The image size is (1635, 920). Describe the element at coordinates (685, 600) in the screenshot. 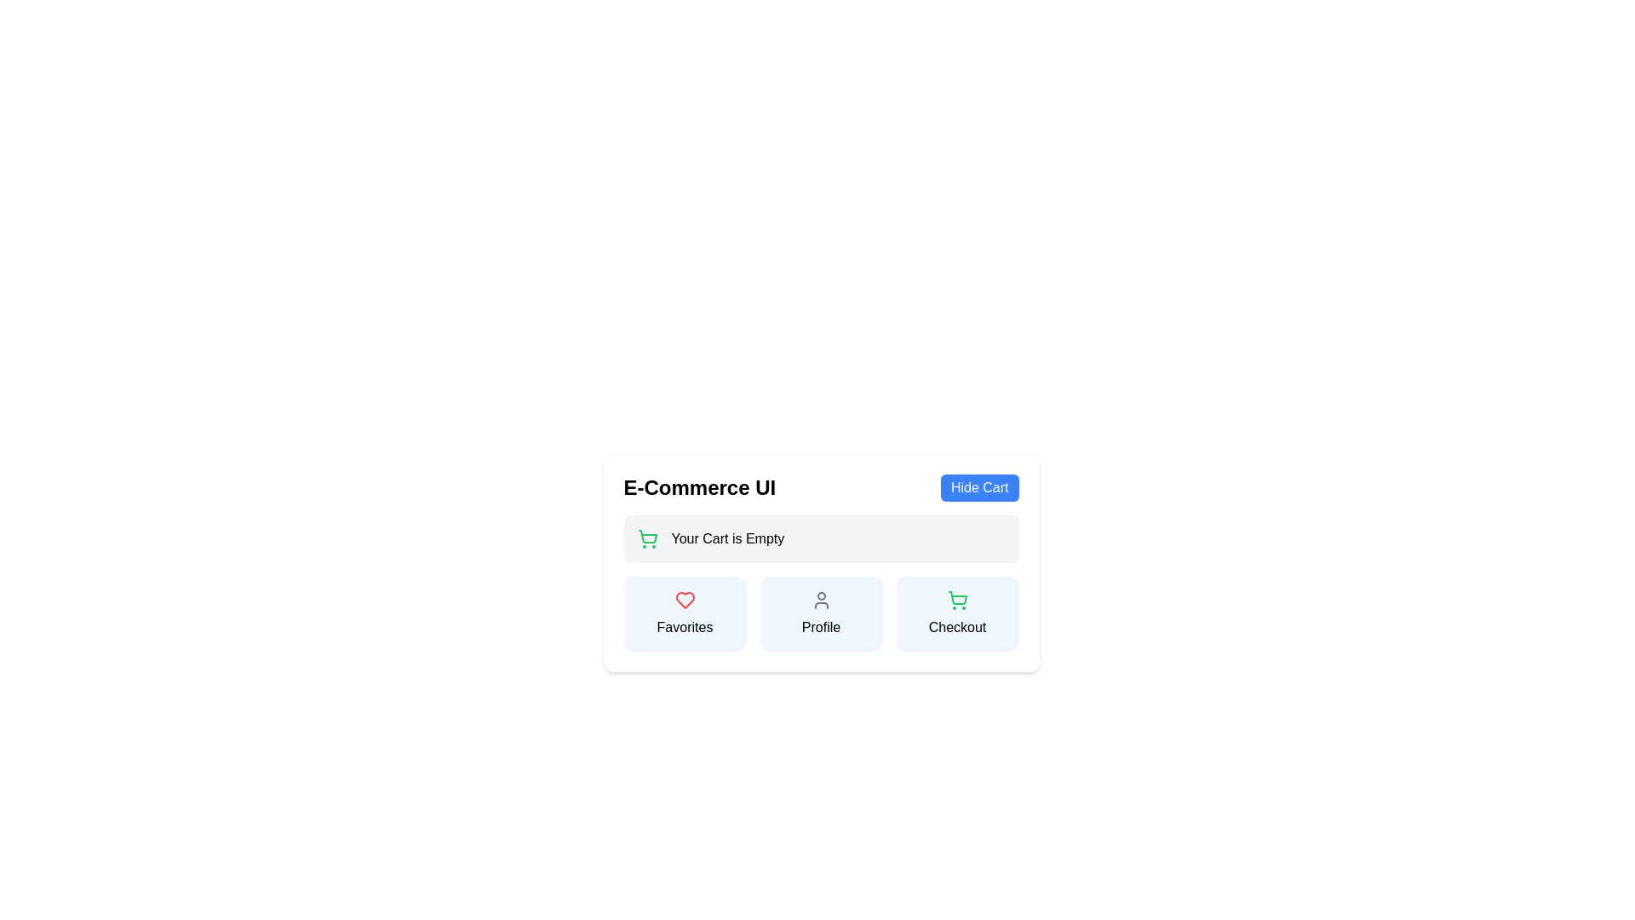

I see `visual content of the heart icon representing the 'Favorites' functionality, which is the first button in the bottom-left corner of the interface's bottom row` at that location.